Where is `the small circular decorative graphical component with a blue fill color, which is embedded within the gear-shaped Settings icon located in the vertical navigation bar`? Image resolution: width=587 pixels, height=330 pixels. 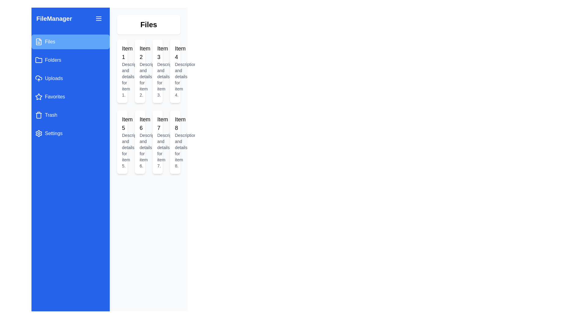
the small circular decorative graphical component with a blue fill color, which is embedded within the gear-shaped Settings icon located in the vertical navigation bar is located at coordinates (38, 133).